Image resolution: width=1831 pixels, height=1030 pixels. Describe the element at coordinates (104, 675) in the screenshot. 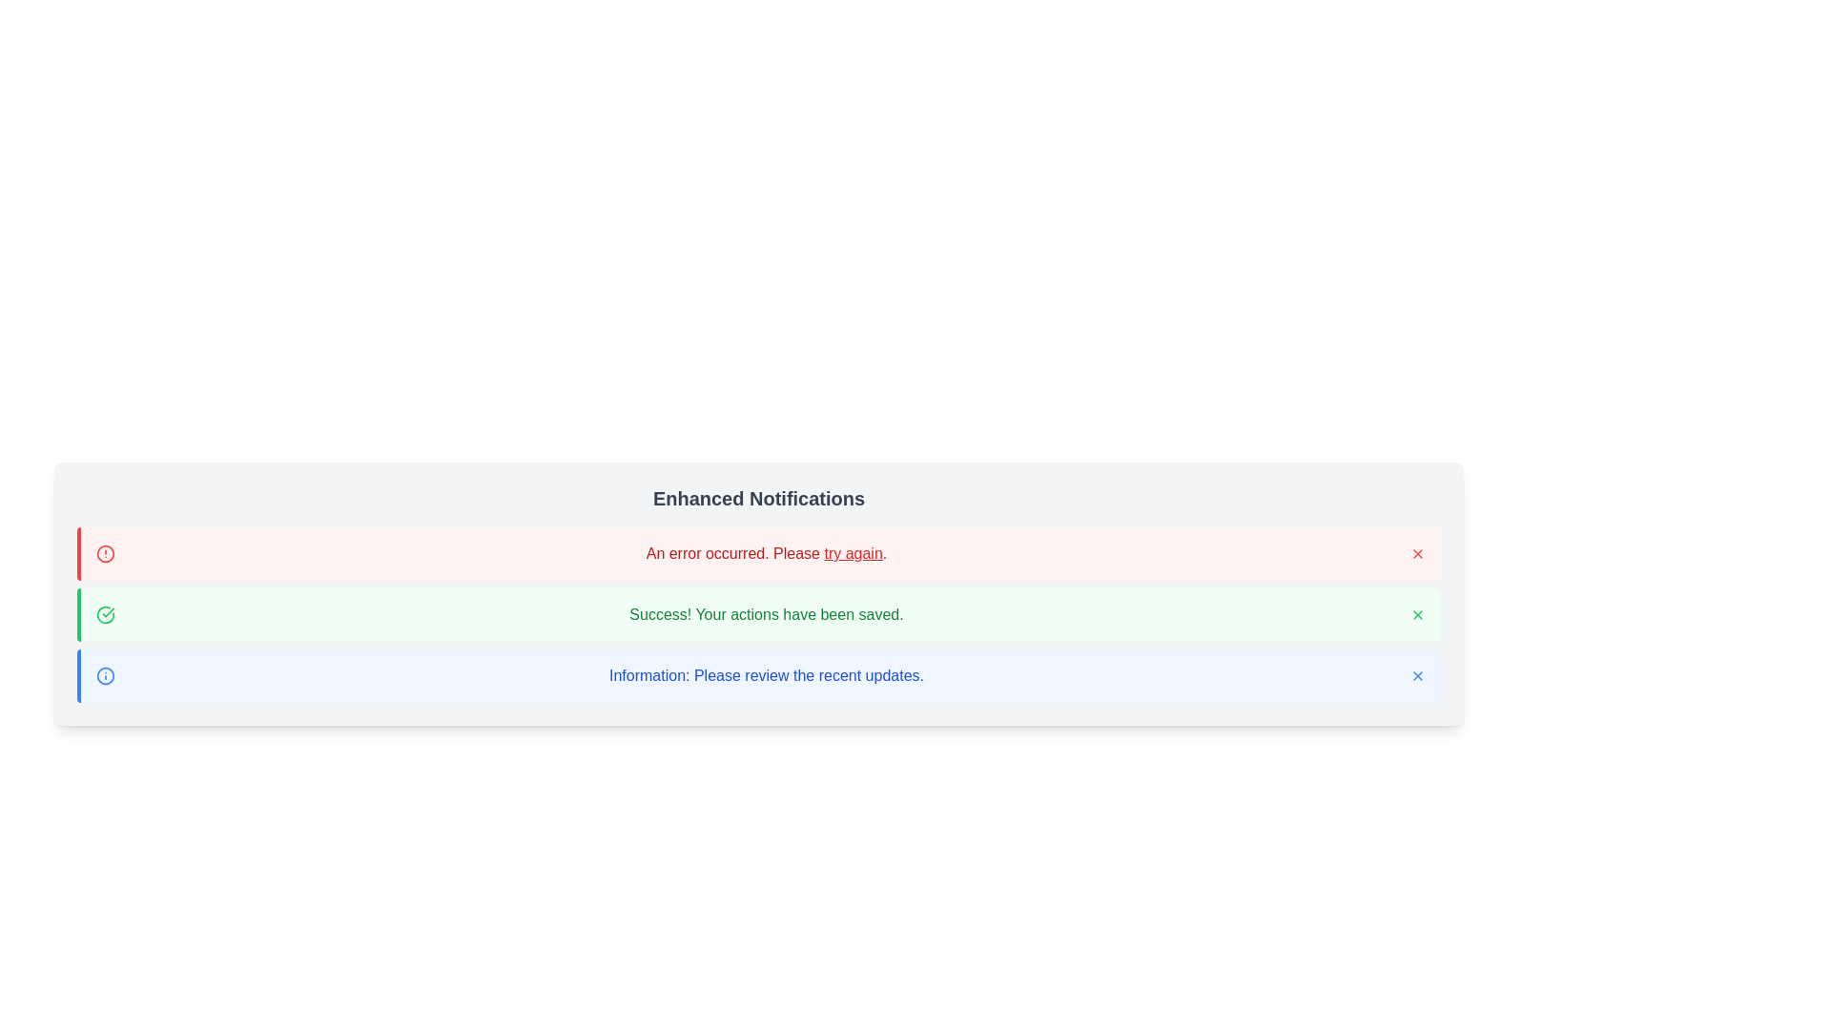

I see `the circular decorative icon located within the third notification entry, which has a blue background and represents an informational message` at that location.